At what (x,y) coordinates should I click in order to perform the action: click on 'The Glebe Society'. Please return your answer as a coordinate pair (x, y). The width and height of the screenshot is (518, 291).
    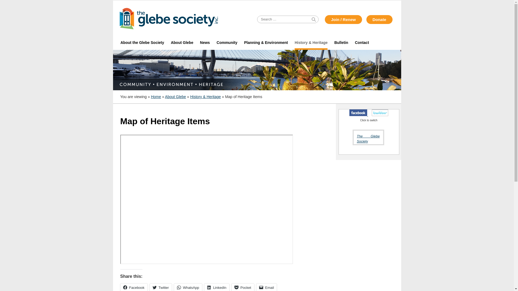
    Looking at the image, I should click on (356, 138).